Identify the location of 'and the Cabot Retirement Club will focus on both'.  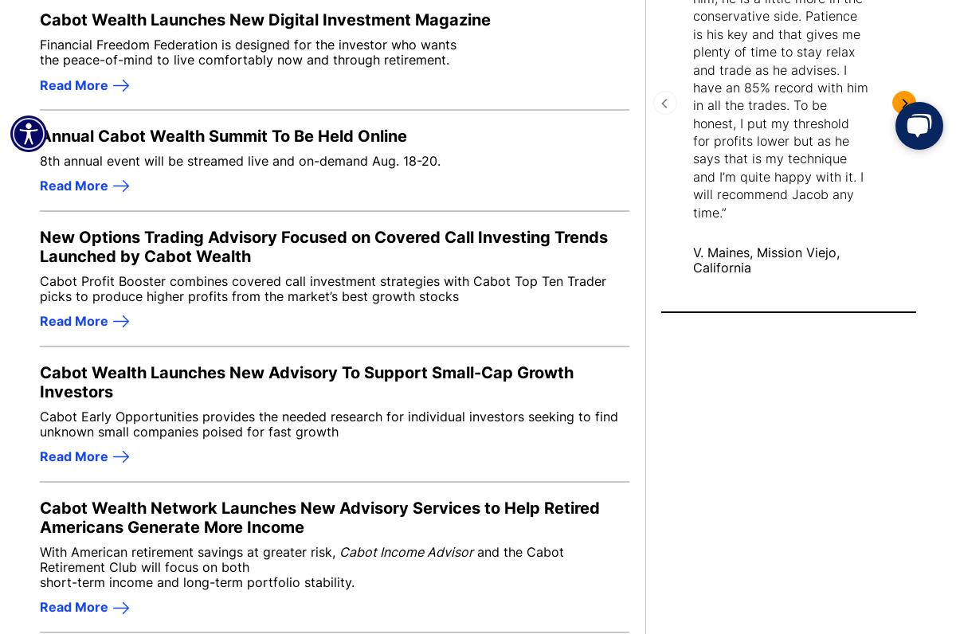
(301, 558).